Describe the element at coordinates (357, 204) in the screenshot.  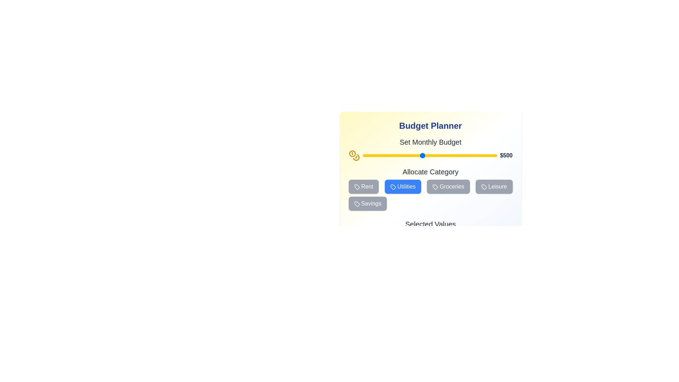
I see `Vector graphic icon located in the 'Allocate Category' section, which visually enhances the associated label or button, by hovering over it for visual feedback` at that location.